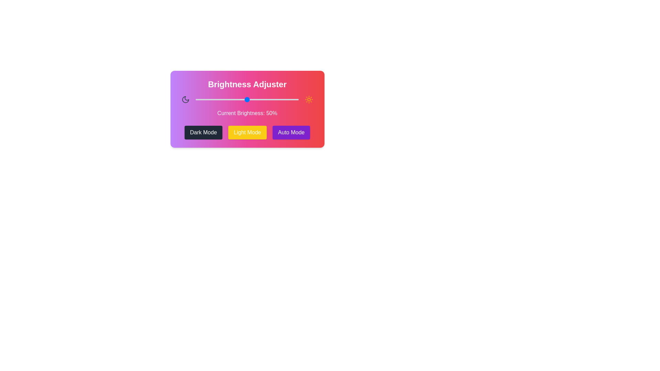  Describe the element at coordinates (255, 99) in the screenshot. I see `the brightness slider to 58%` at that location.